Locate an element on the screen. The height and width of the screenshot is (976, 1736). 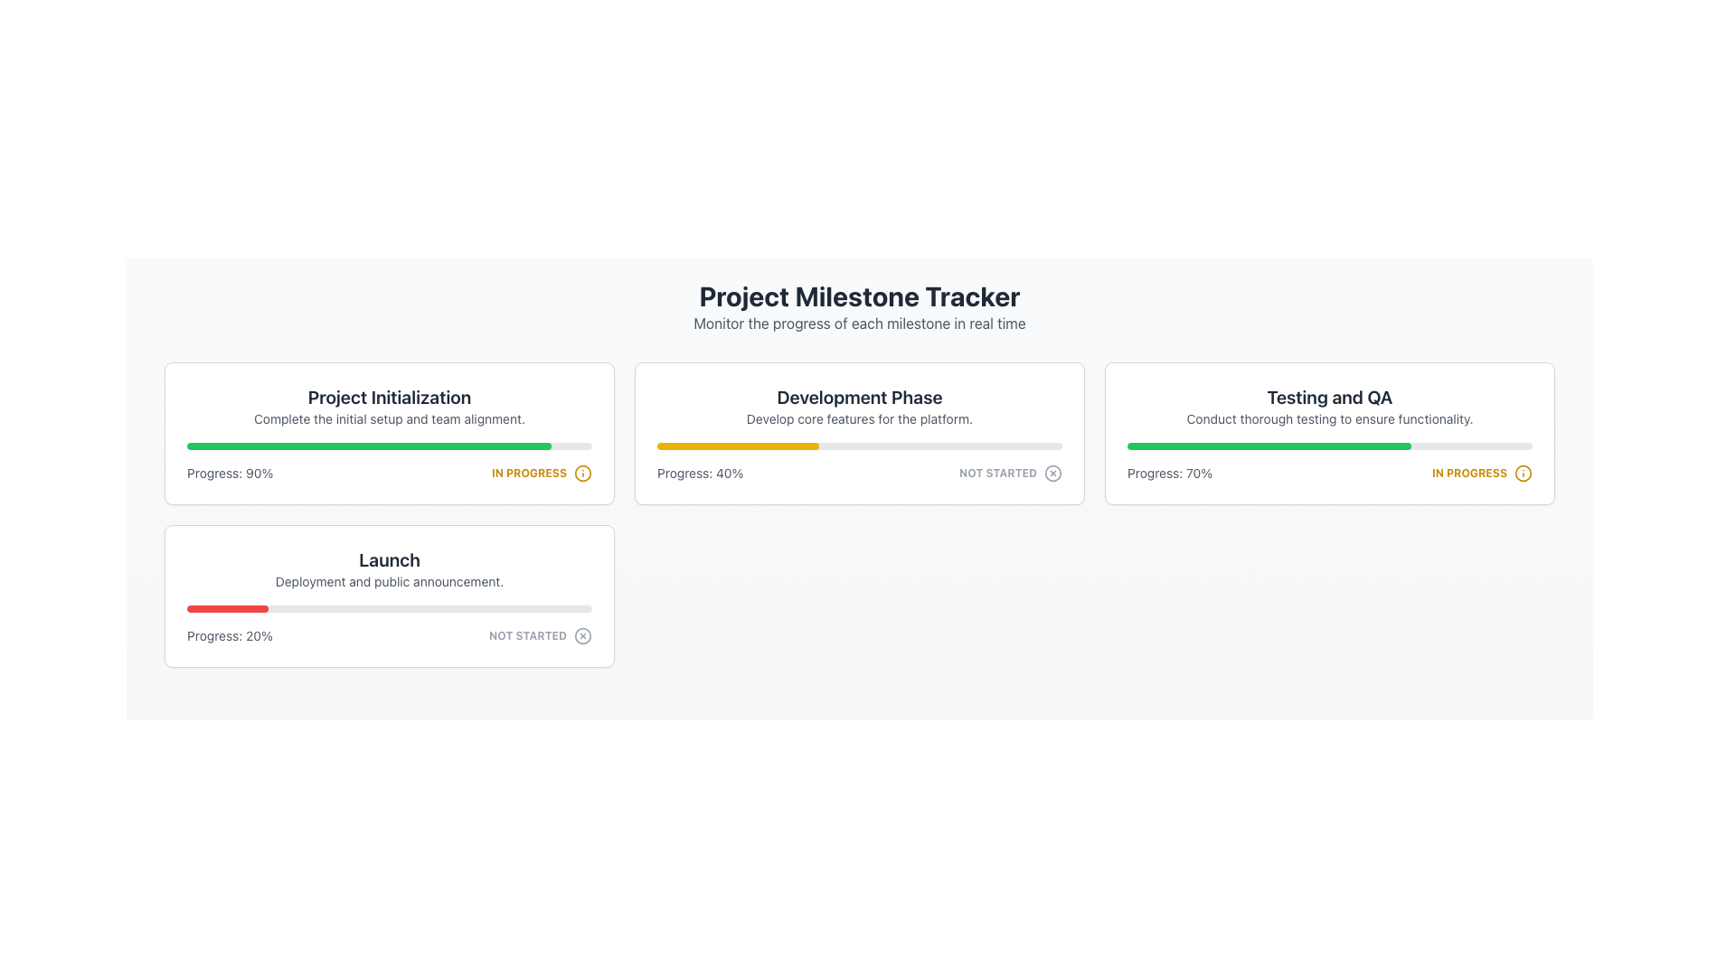
the text label displaying the progress of the 'Launch' task, which shows 20% progress and is located below the progress bar and to the left of the 'Not Started' status indicator is located at coordinates (229, 635).